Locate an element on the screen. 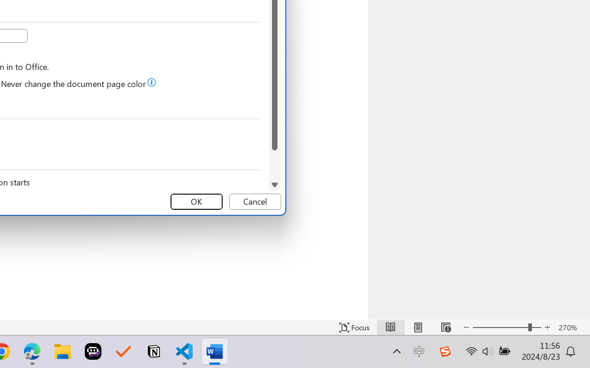 The height and width of the screenshot is (368, 590). 'Line down' is located at coordinates (274, 184).